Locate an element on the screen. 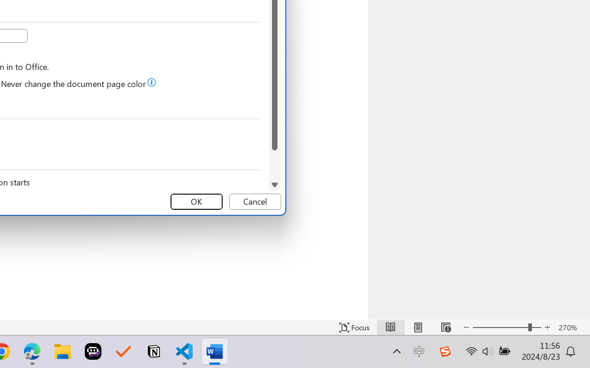 The height and width of the screenshot is (368, 590). 'Line down' is located at coordinates (274, 184).